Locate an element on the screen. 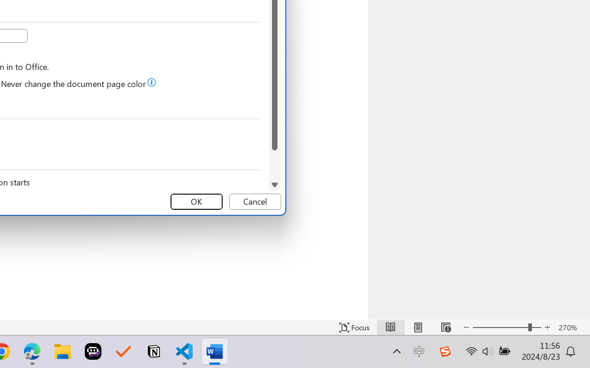 The height and width of the screenshot is (368, 590). 'Line down' is located at coordinates (274, 184).